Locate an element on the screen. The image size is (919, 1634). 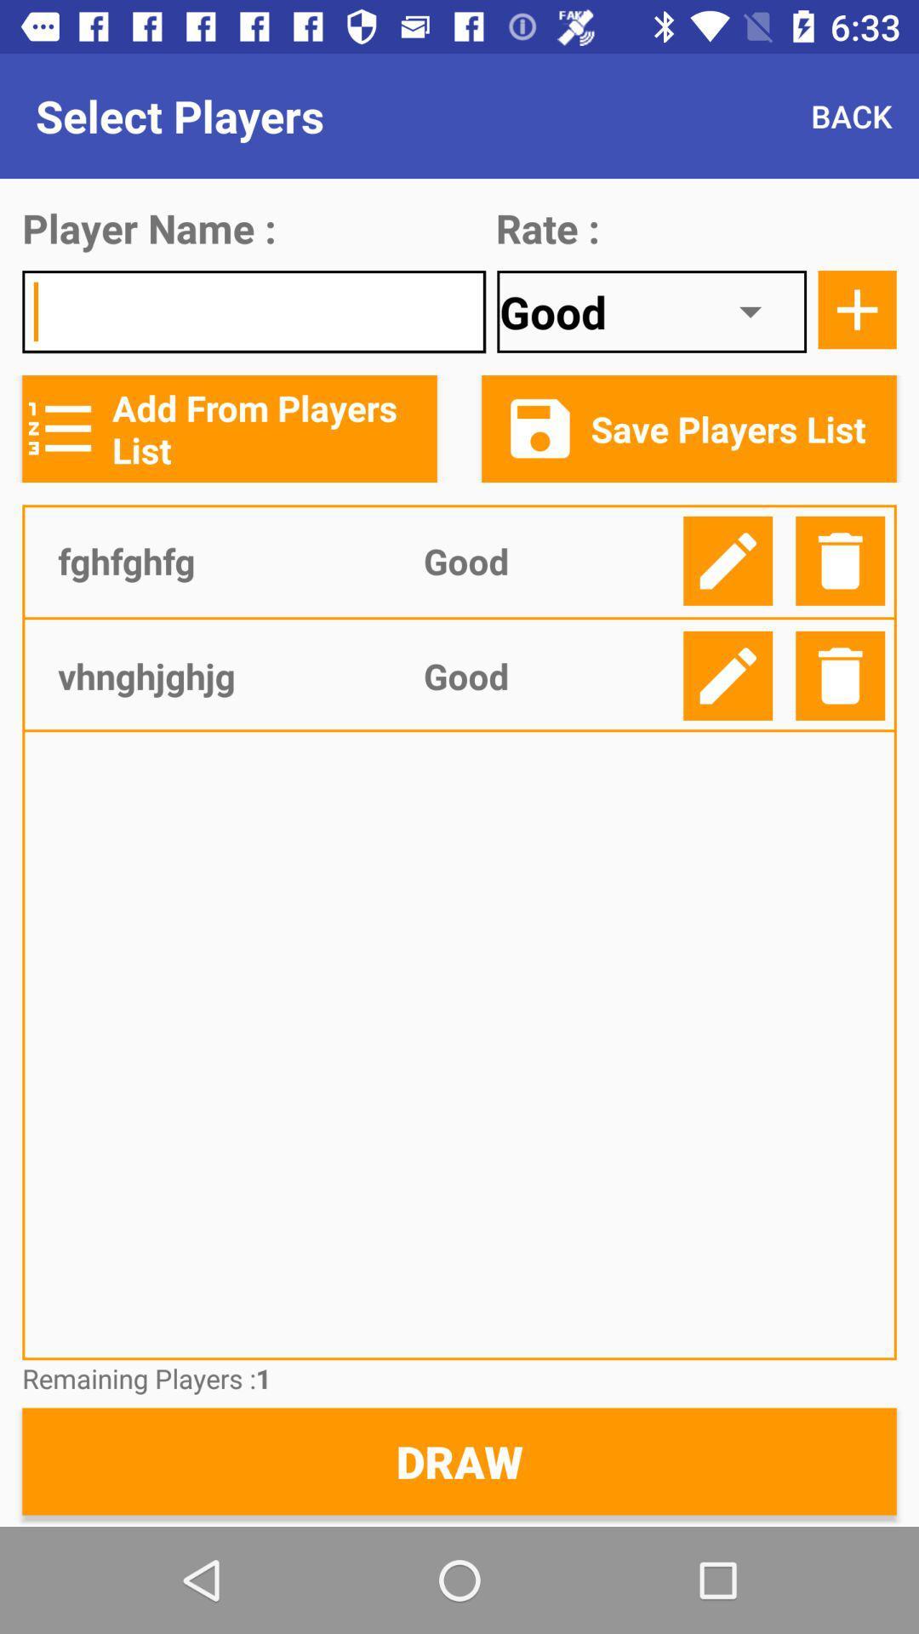
edit is located at coordinates (728, 675).